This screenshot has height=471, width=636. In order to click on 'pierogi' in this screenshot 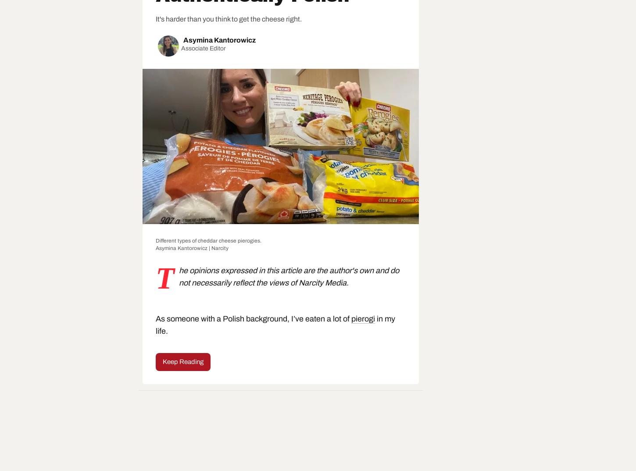, I will do `click(363, 318)`.